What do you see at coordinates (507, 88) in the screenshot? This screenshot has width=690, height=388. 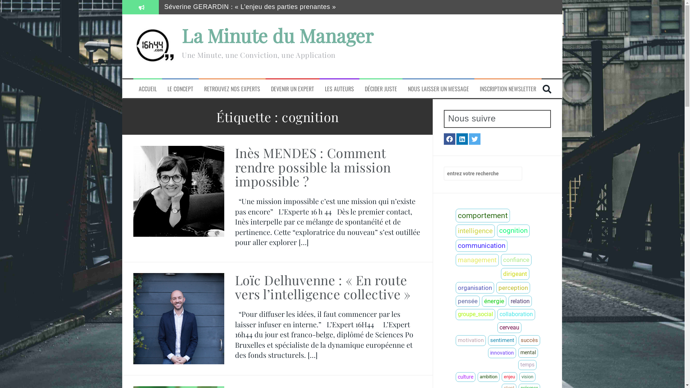 I see `'INSCRIPTION NEWSLETTER'` at bounding box center [507, 88].